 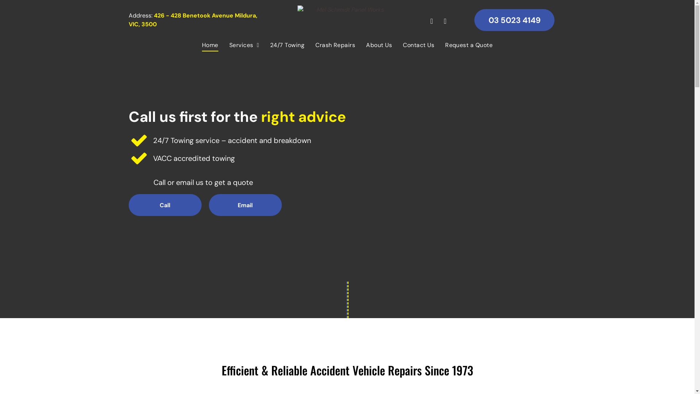 What do you see at coordinates (287, 45) in the screenshot?
I see `'24/7 Towing'` at bounding box center [287, 45].